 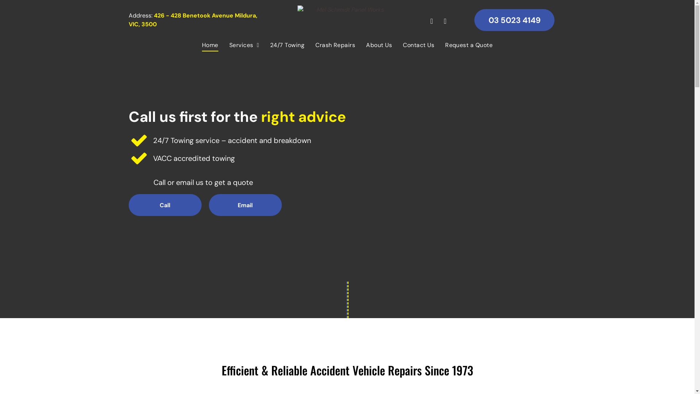 What do you see at coordinates (287, 45) in the screenshot?
I see `'24/7 Towing'` at bounding box center [287, 45].